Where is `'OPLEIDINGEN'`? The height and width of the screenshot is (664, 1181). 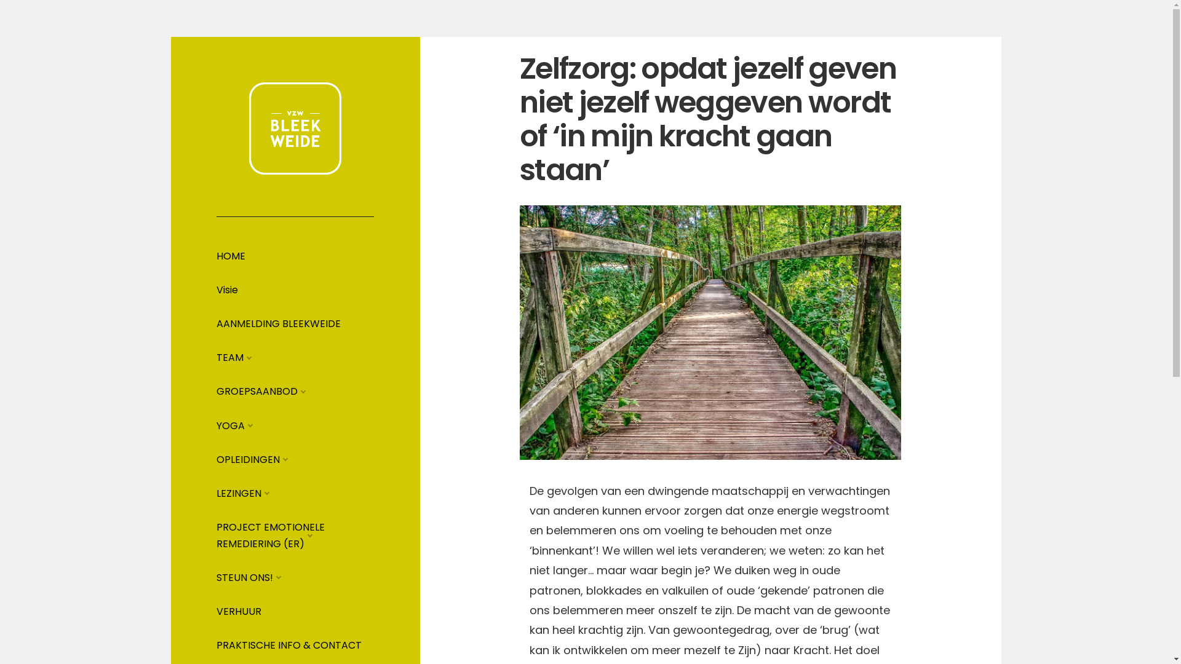 'OPLEIDINGEN' is located at coordinates (247, 459).